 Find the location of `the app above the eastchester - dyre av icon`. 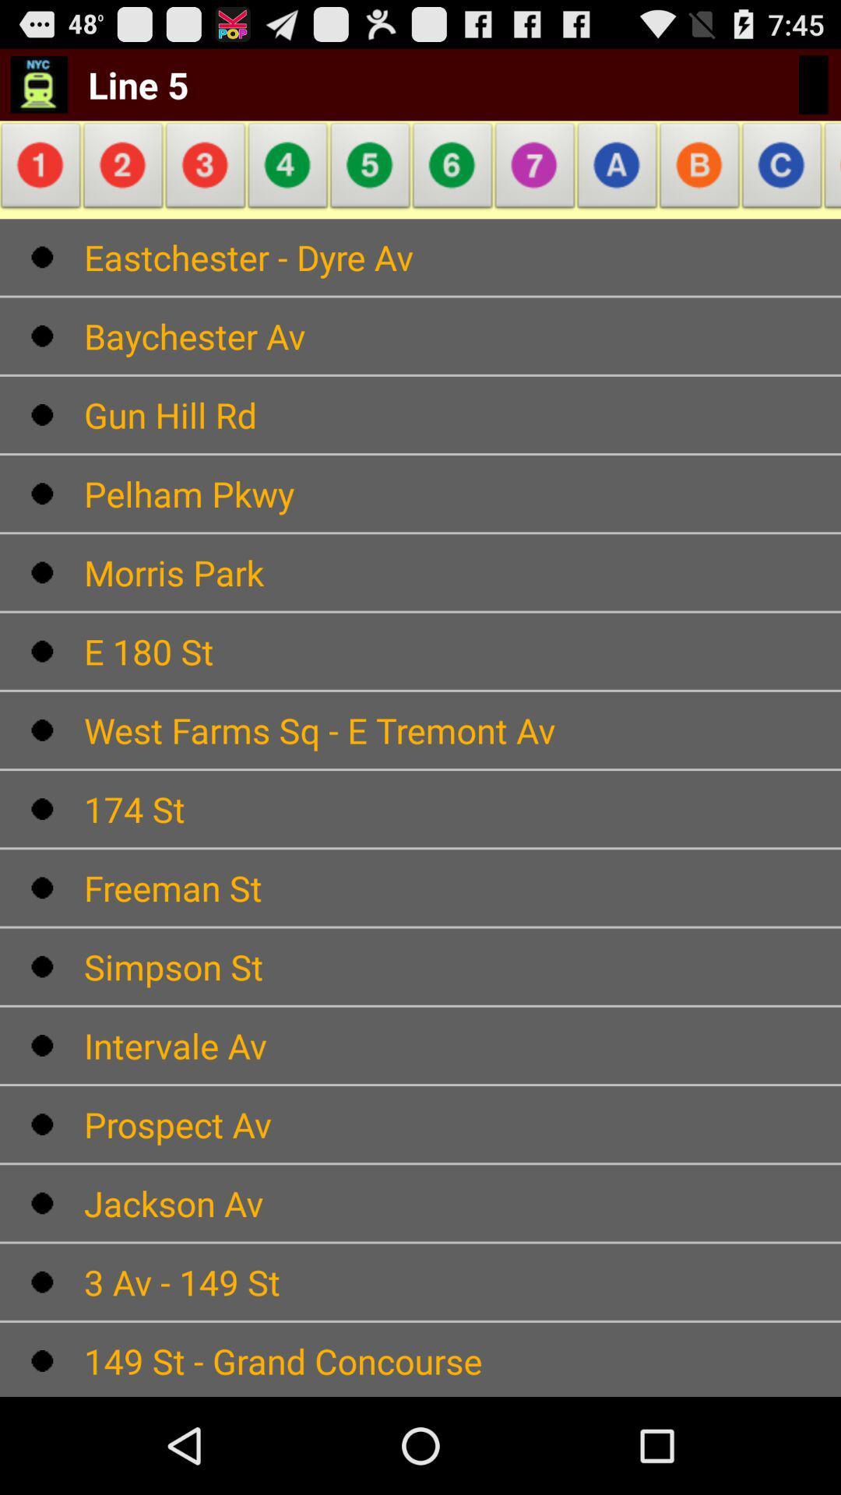

the app above the eastchester - dyre av icon is located at coordinates (828, 170).